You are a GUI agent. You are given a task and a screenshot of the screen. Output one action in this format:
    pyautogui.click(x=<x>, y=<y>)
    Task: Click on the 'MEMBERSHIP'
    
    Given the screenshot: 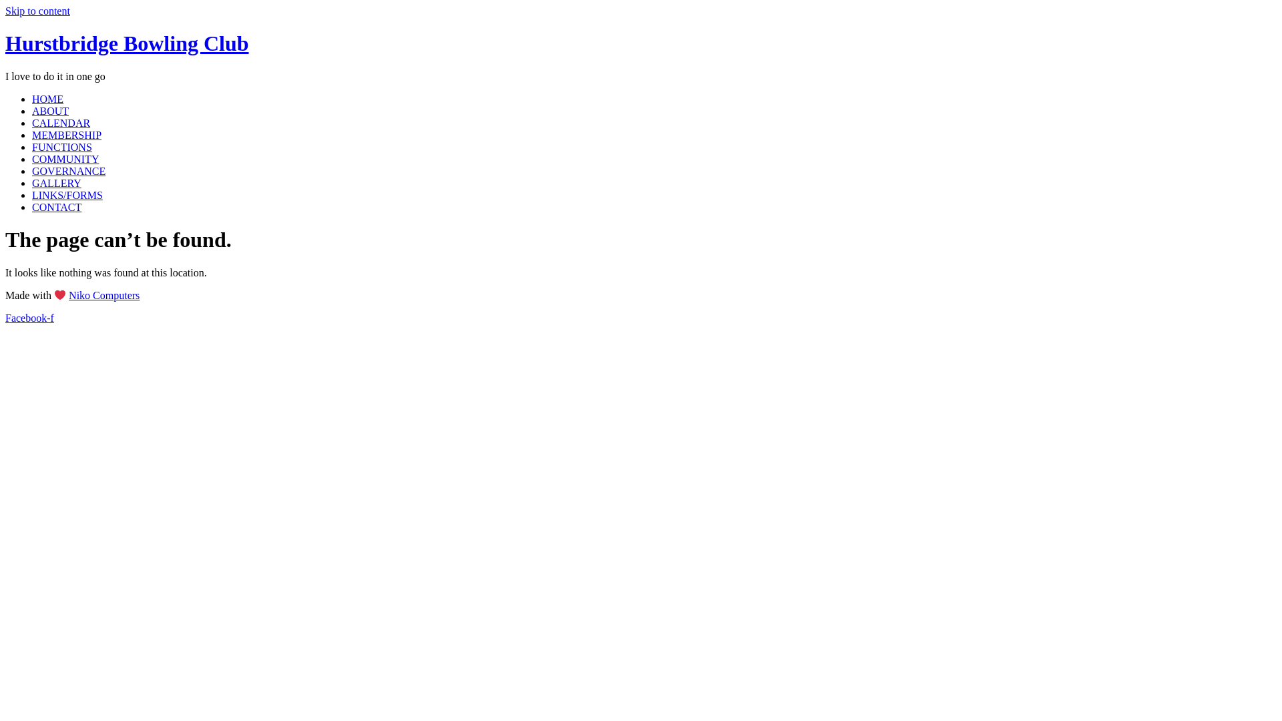 What is the action you would take?
    pyautogui.click(x=32, y=135)
    